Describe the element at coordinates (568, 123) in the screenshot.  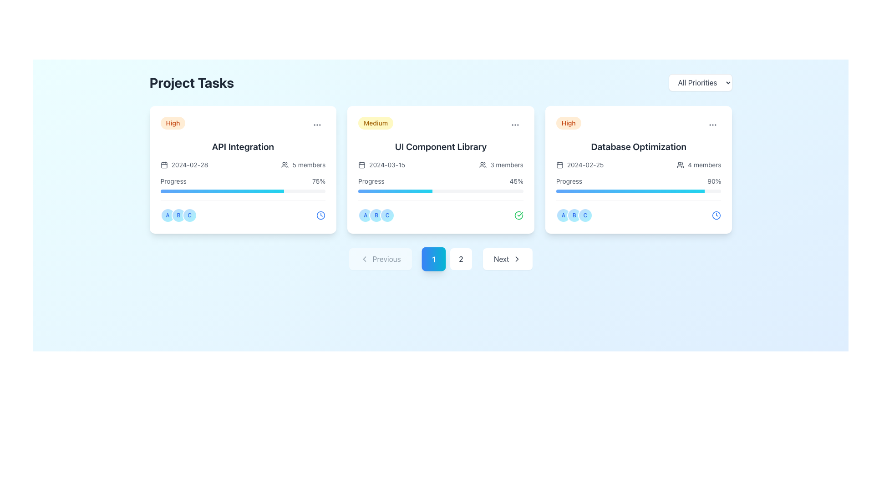
I see `text 'High' from the pill-shaped label with an orange background located at the top-left section of the 'Database Optimization' card` at that location.